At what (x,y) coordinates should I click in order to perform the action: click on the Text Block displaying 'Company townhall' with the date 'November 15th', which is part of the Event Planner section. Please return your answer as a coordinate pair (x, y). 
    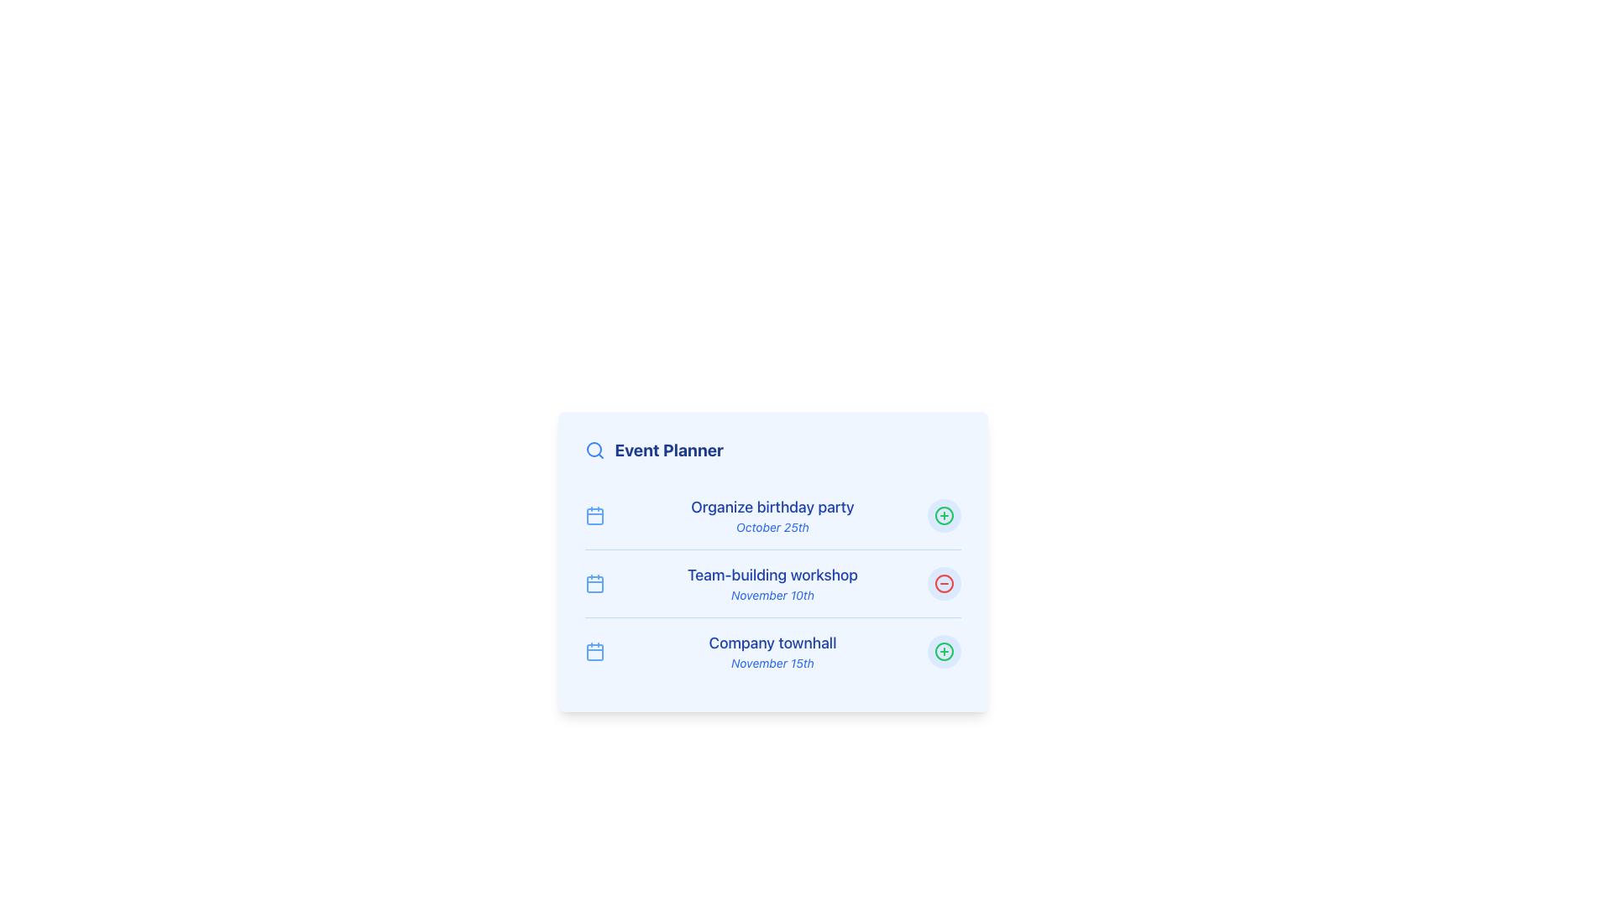
    Looking at the image, I should click on (772, 650).